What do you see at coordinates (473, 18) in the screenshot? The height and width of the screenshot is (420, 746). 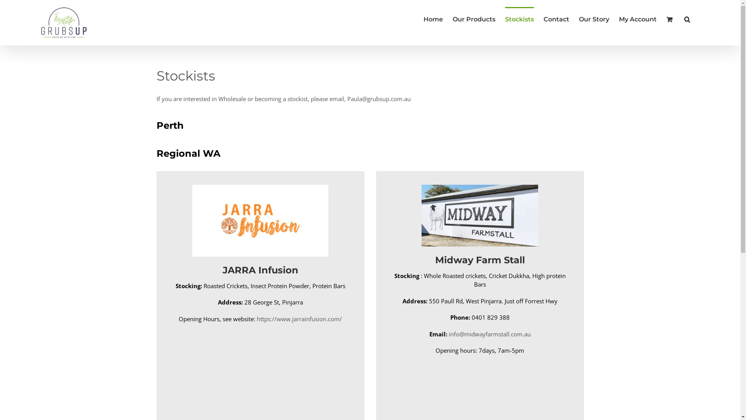 I see `'Our Products'` at bounding box center [473, 18].